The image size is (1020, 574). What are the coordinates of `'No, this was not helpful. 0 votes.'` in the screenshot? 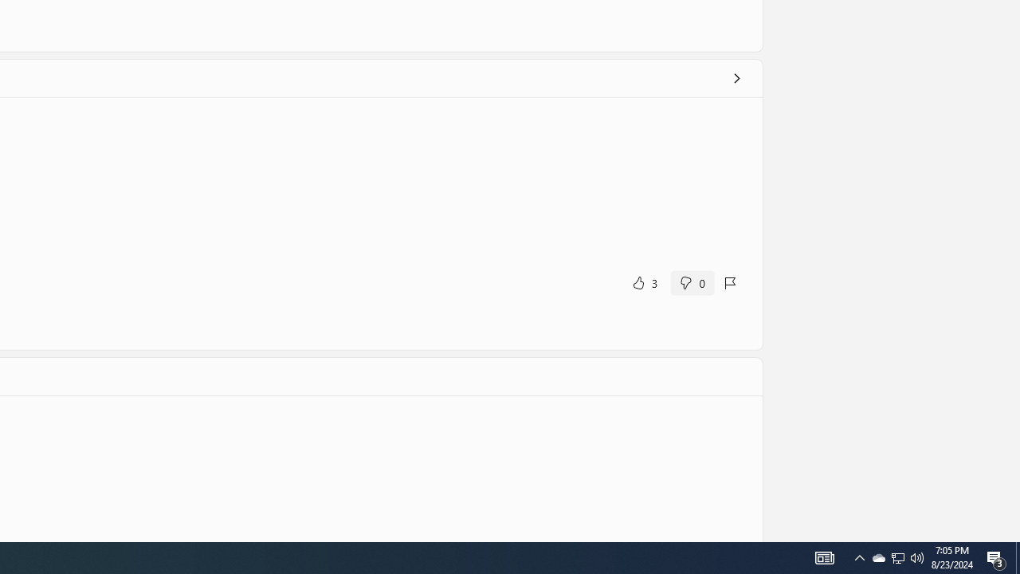 It's located at (692, 281).